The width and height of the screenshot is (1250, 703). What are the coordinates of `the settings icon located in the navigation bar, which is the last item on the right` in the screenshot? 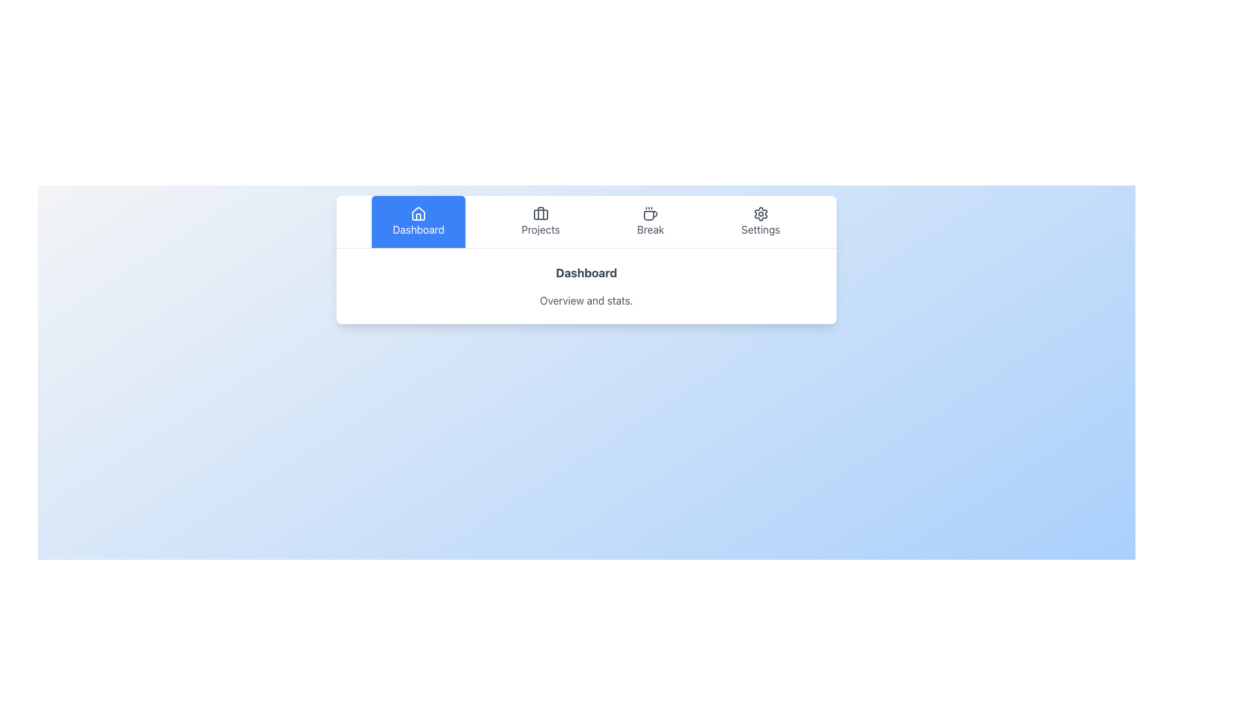 It's located at (760, 221).